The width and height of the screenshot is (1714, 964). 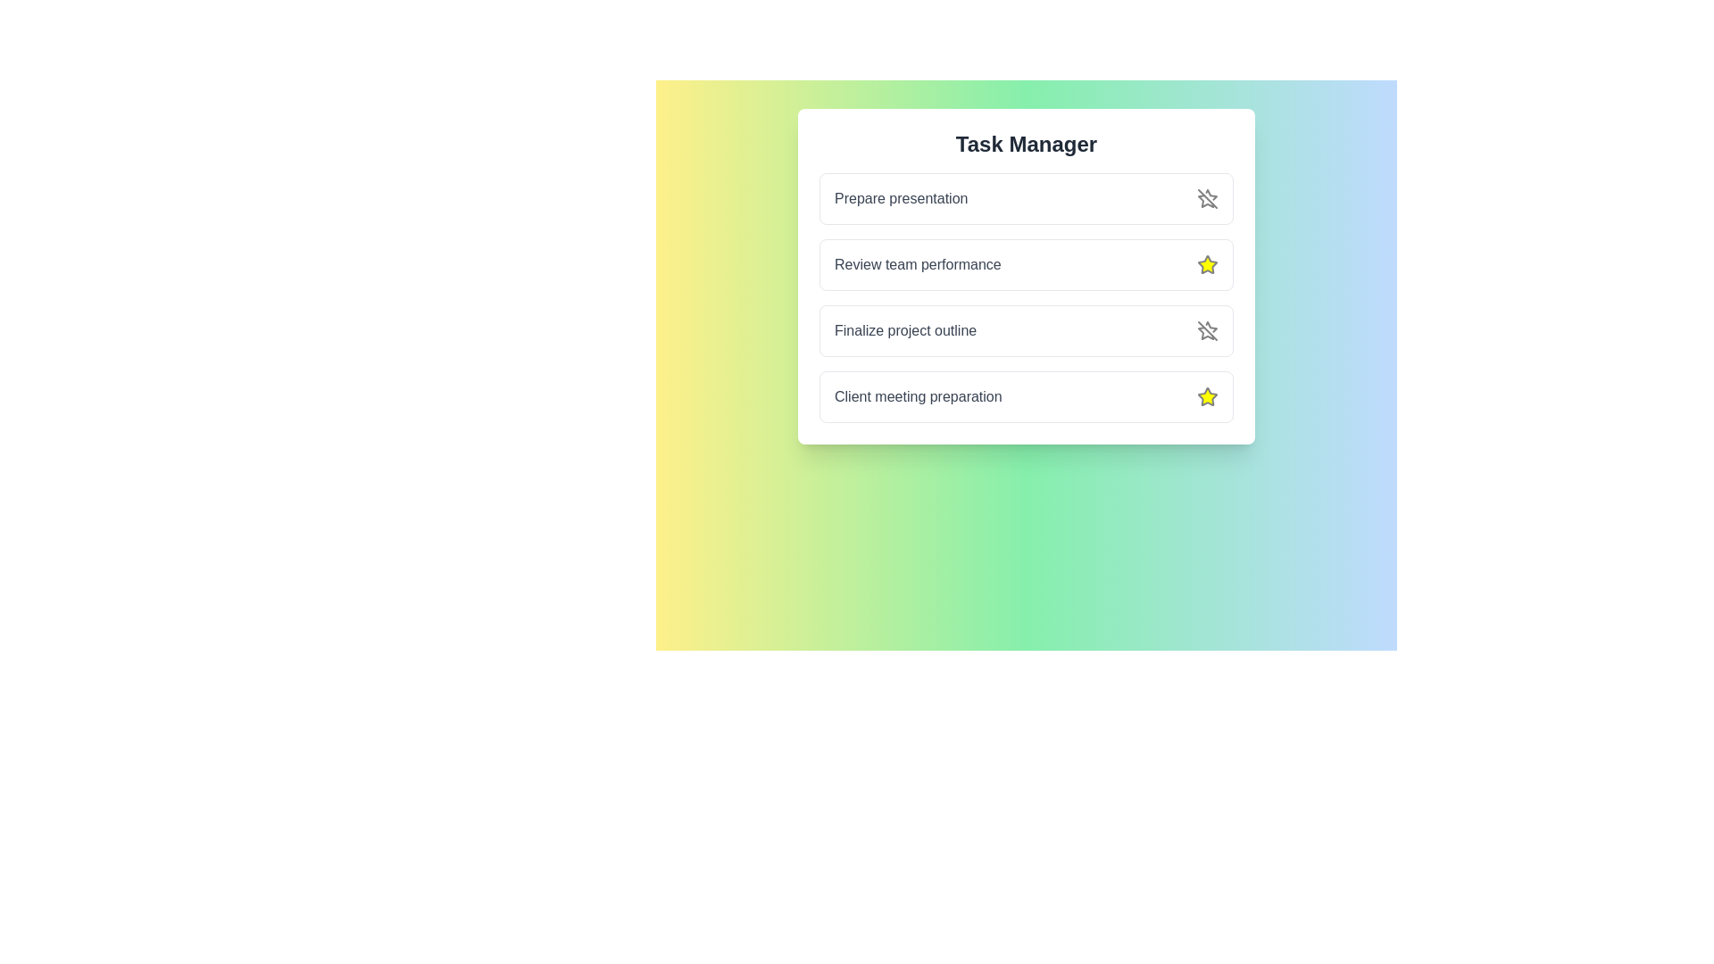 I want to click on the task named Finalize project outline by clicking on it, so click(x=905, y=330).